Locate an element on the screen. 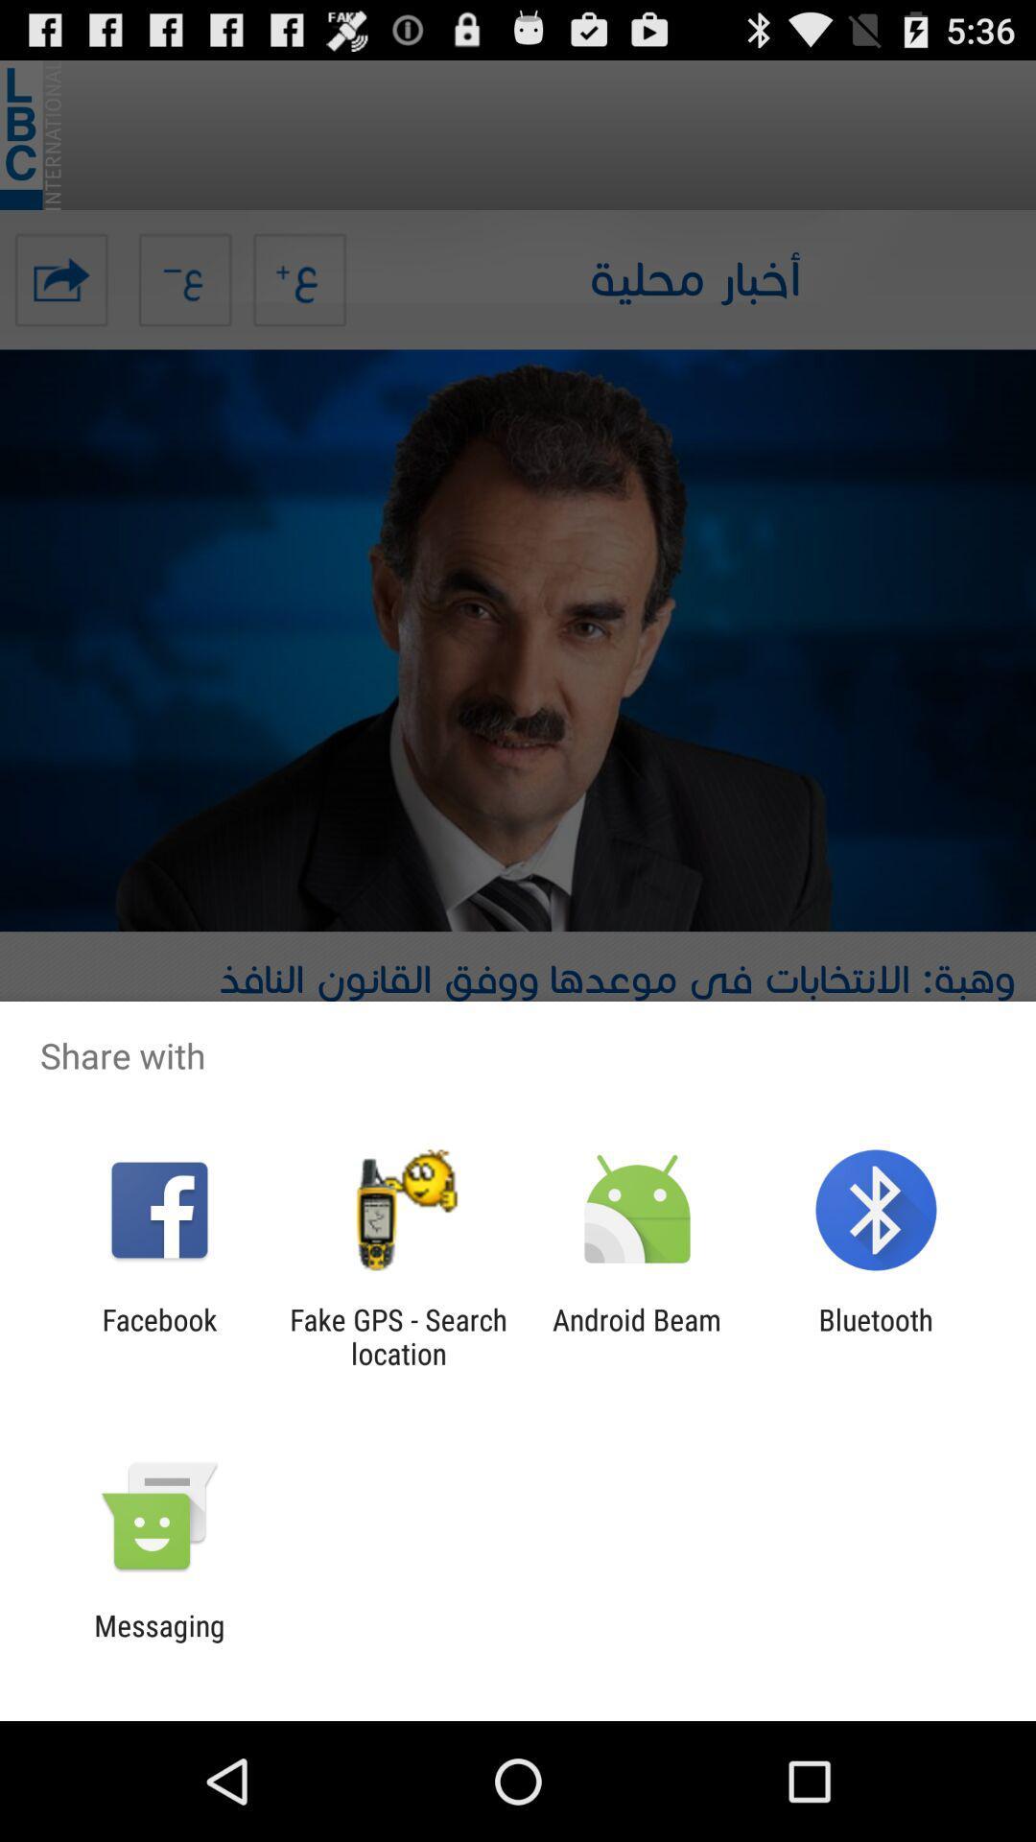  the app next to facebook is located at coordinates (397, 1335).